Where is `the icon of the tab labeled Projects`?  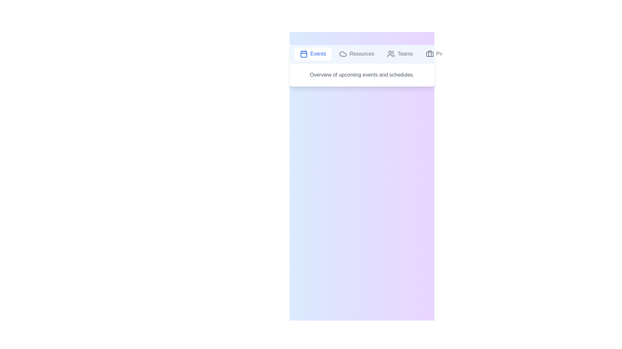
the icon of the tab labeled Projects is located at coordinates (429, 53).